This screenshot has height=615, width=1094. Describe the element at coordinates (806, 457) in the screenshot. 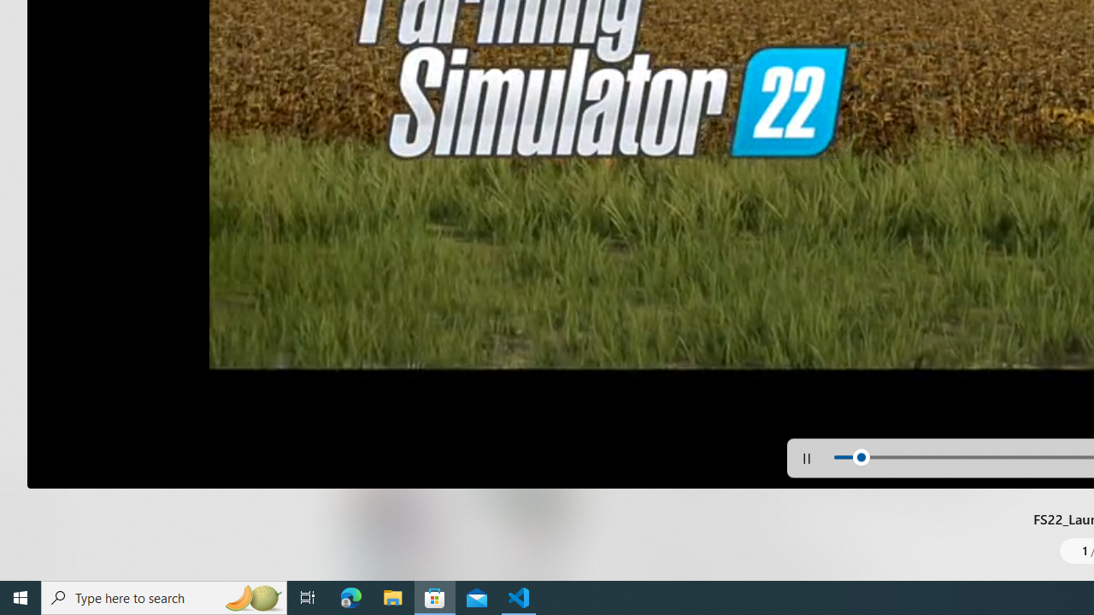

I see `'Pause'` at that location.